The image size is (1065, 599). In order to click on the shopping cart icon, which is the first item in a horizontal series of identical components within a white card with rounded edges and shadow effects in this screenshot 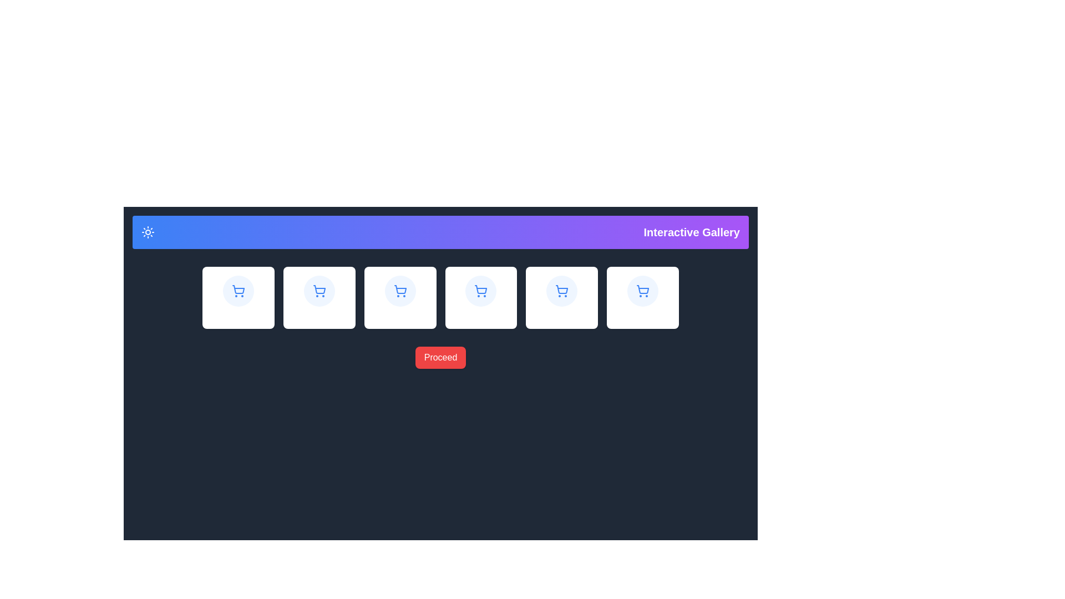, I will do `click(237, 290)`.